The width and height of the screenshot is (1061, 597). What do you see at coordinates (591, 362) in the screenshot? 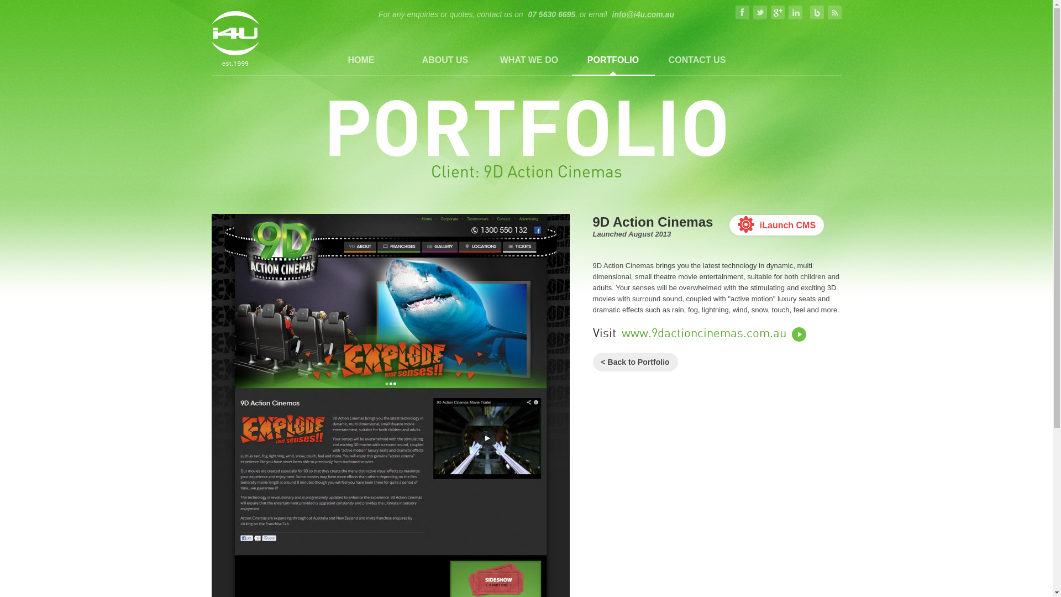
I see `'< Back to Portfolio'` at bounding box center [591, 362].